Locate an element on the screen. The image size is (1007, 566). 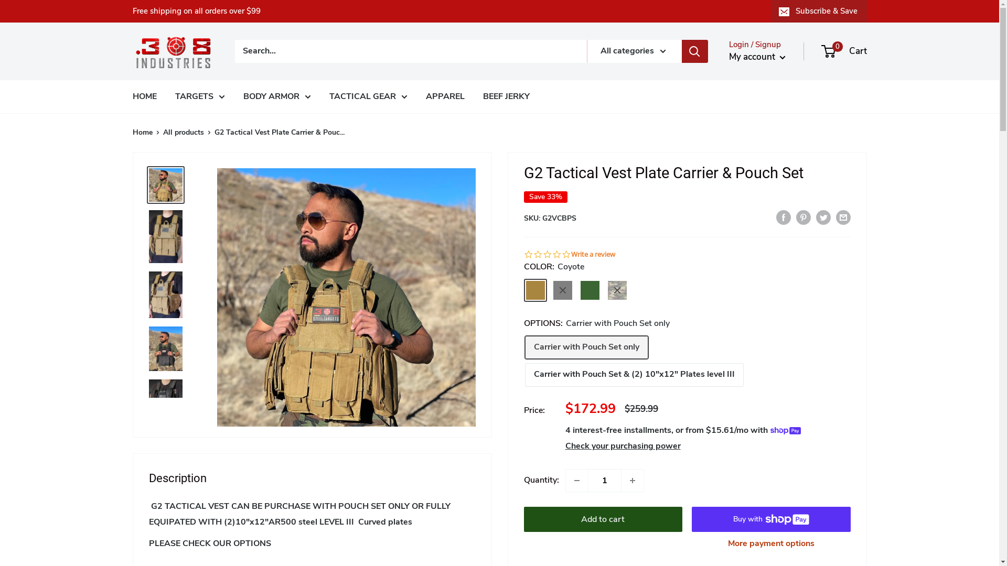
'APPAREL' is located at coordinates (425, 97).